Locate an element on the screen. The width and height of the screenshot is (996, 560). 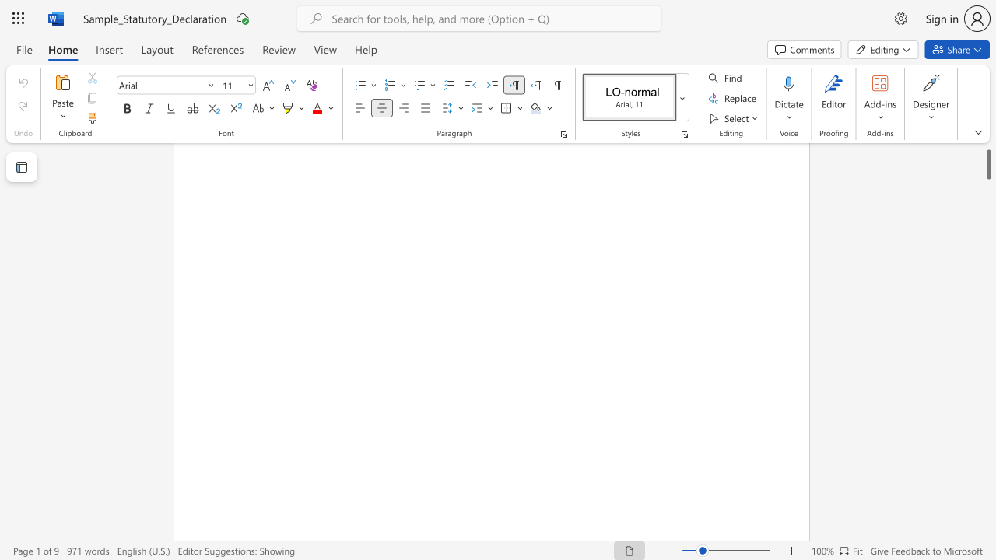
the scrollbar and move down 2520 pixels is located at coordinates (987, 156).